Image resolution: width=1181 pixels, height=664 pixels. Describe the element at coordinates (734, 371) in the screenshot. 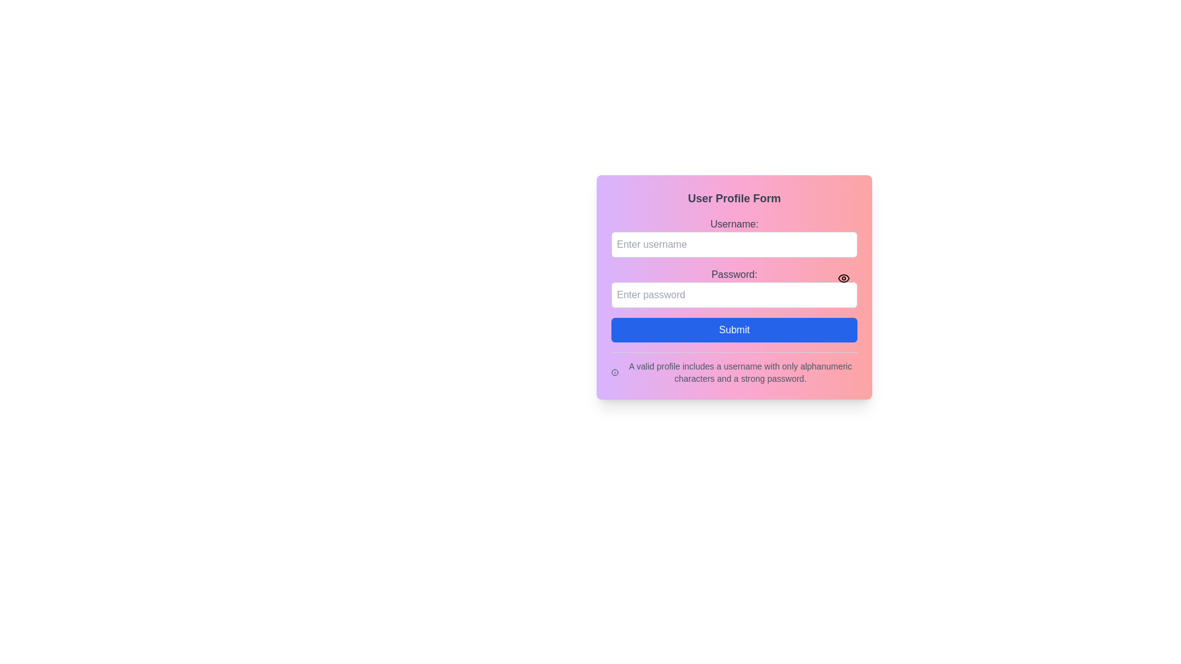

I see `informational message text block located below the 'Submit' button in the user profile form` at that location.